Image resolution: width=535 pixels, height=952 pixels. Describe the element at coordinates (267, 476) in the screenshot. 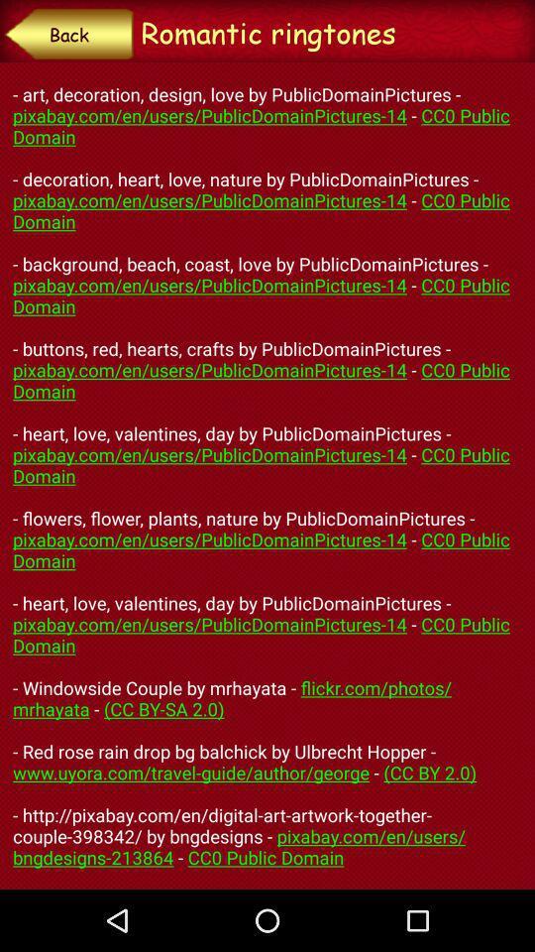

I see `the endless love songs` at that location.